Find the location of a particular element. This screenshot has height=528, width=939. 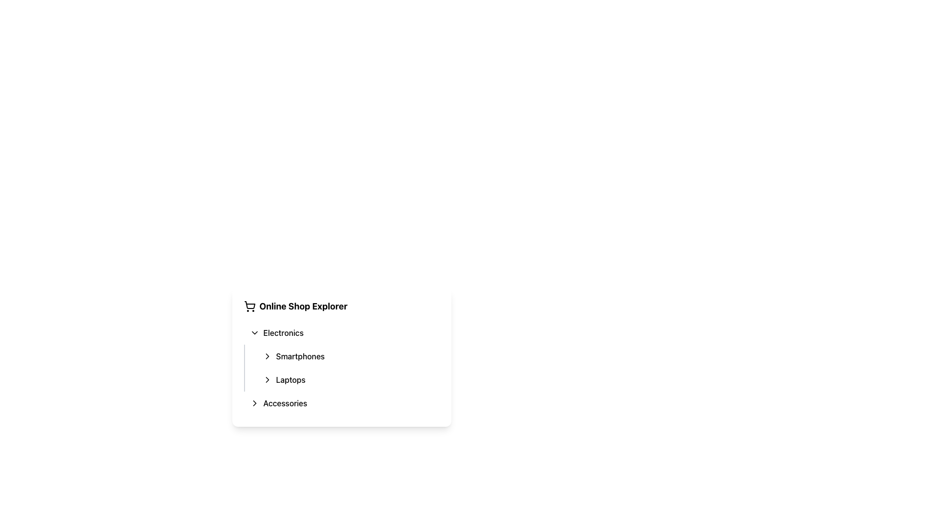

the shopping cart icon located to the left of the 'Online Shop Explorer' title text, which is aligned horizontally with the title and above the expandable list items is located at coordinates (249, 306).